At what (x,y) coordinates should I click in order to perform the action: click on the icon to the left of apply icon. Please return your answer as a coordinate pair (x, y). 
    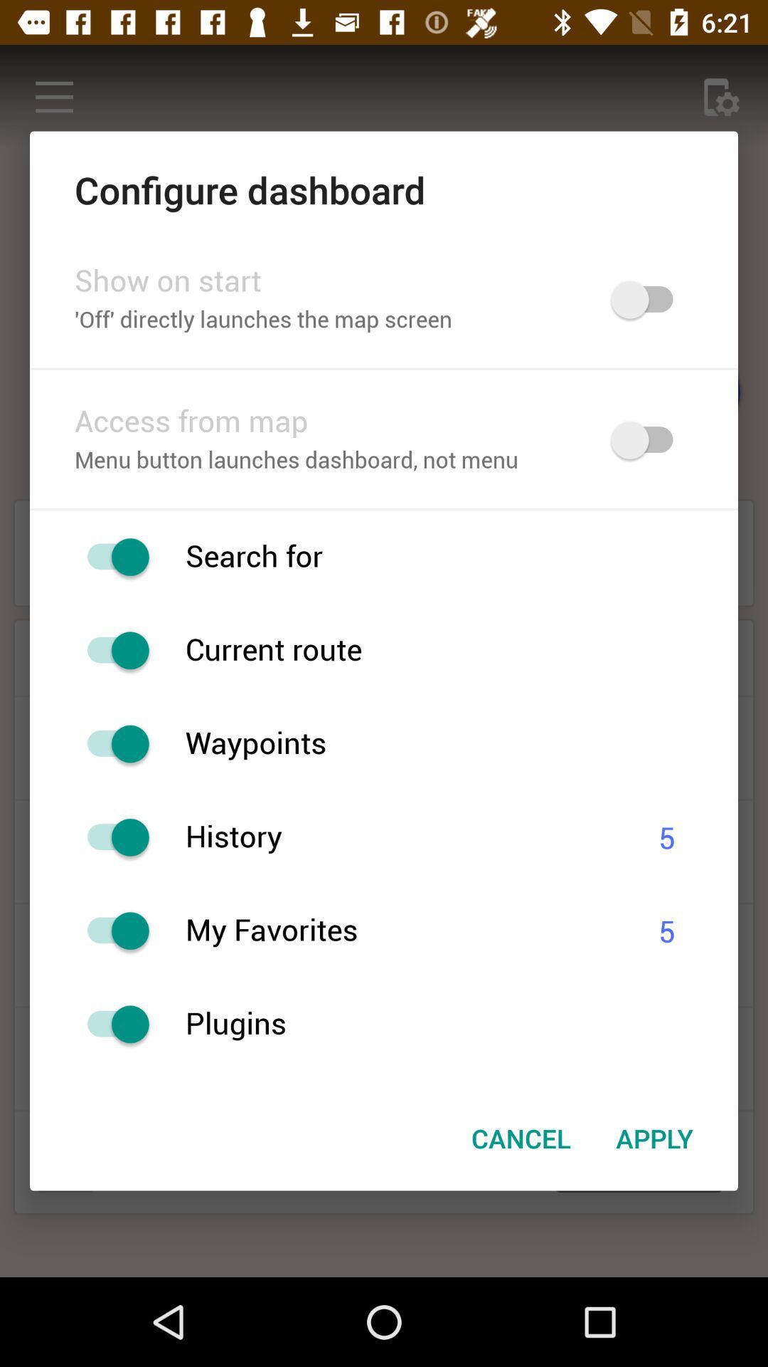
    Looking at the image, I should click on (521, 1137).